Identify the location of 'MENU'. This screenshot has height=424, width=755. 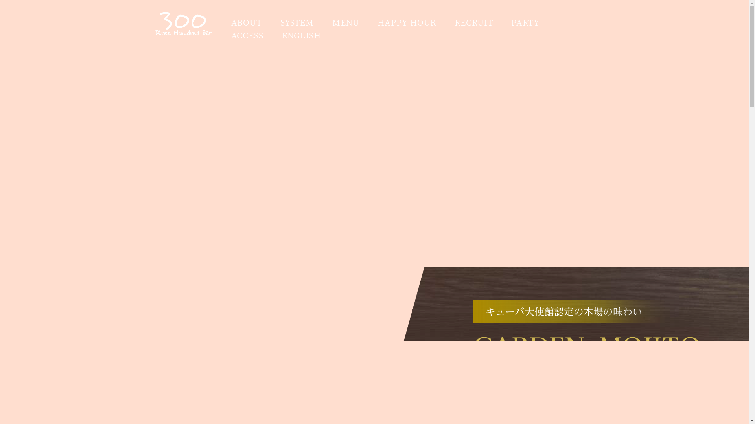
(346, 22).